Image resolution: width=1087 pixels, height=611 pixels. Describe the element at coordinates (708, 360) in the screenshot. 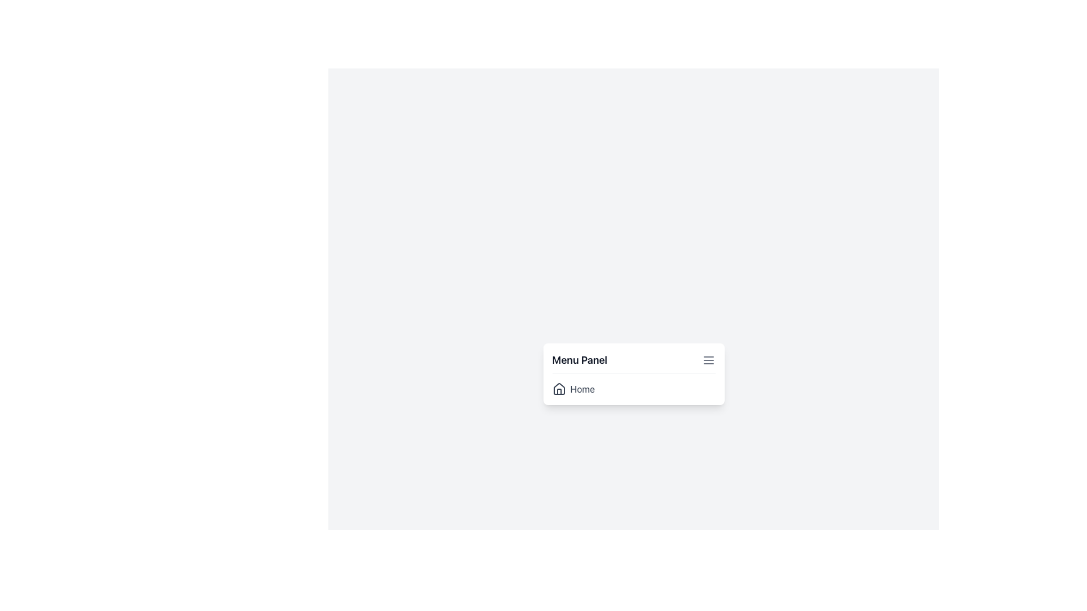

I see `the menu trigger icon button located` at that location.